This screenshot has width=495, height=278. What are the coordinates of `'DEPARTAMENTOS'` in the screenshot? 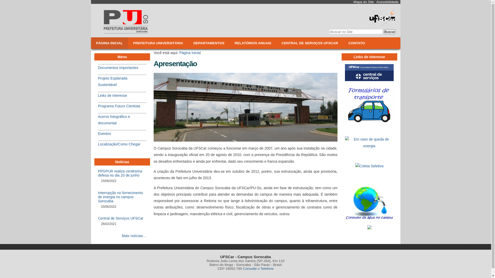 It's located at (209, 43).